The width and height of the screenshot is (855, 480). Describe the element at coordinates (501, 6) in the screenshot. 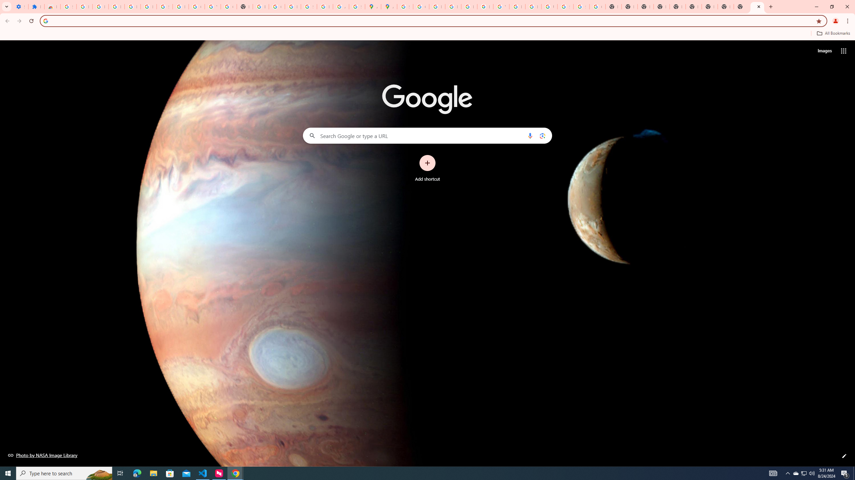

I see `'YouTube'` at that location.